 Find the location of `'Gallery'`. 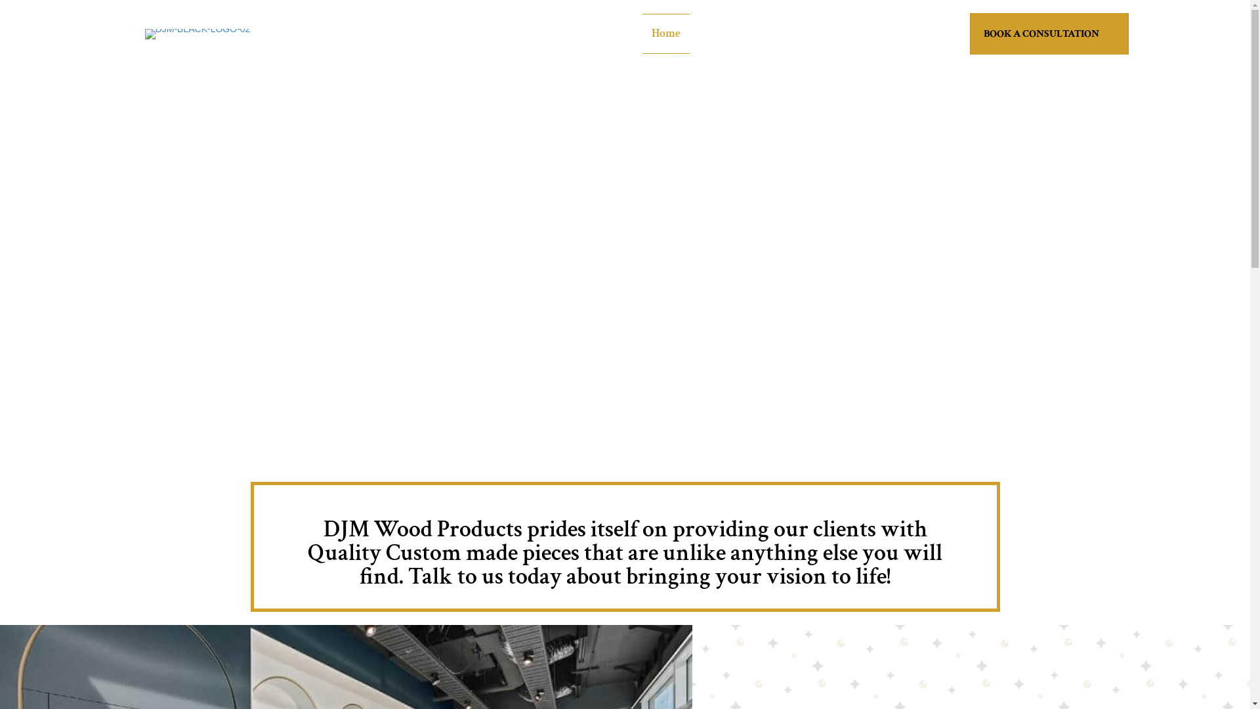

'Gallery' is located at coordinates (815, 33).